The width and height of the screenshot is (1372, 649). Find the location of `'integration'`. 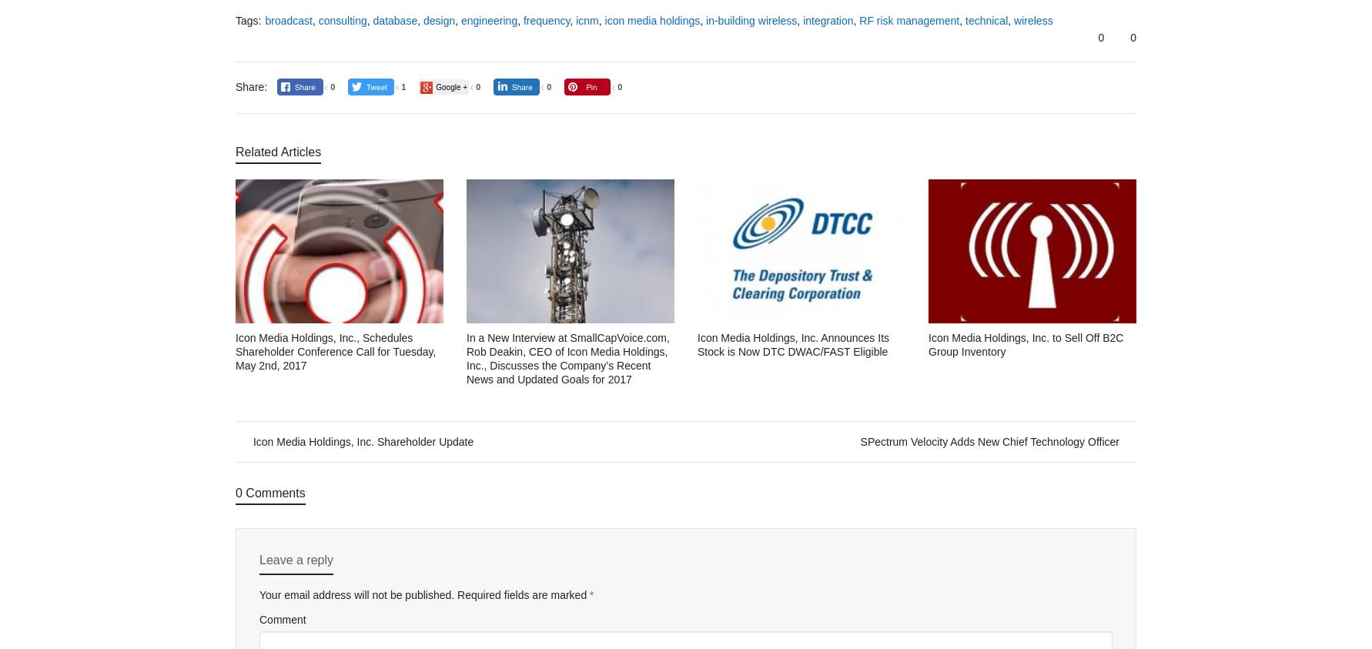

'integration' is located at coordinates (828, 19).